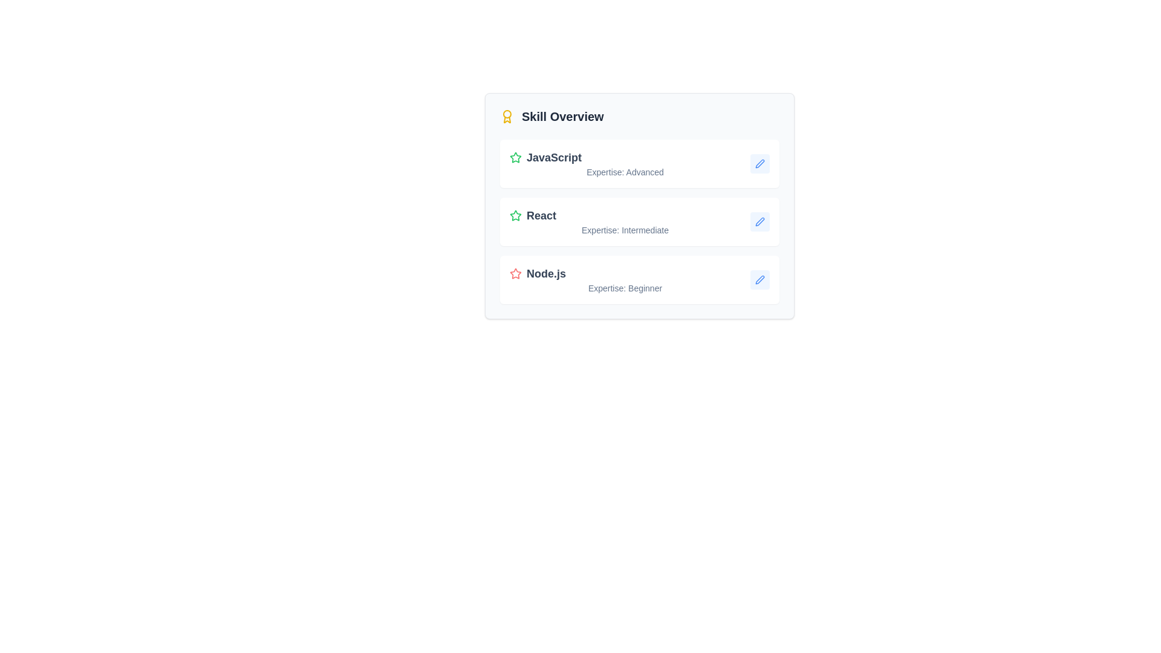 The width and height of the screenshot is (1161, 653). I want to click on the first star icon with a green outline that represents the 'React' skill rating, located to the immediate left of the 'React' label in the Skill Overview list, so click(516, 215).